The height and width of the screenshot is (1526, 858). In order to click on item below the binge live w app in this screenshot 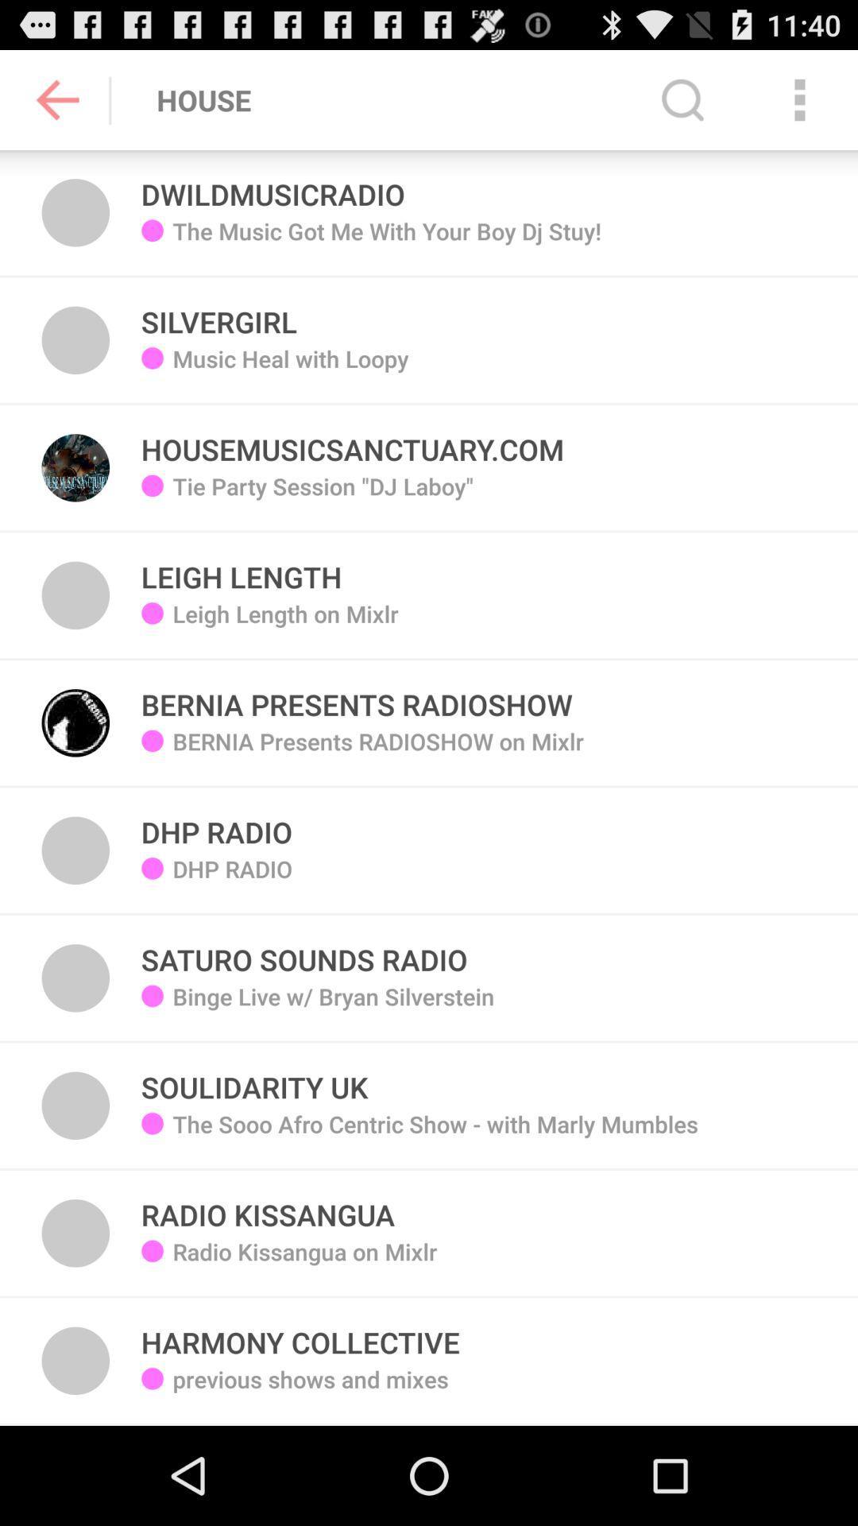, I will do `click(253, 1079)`.